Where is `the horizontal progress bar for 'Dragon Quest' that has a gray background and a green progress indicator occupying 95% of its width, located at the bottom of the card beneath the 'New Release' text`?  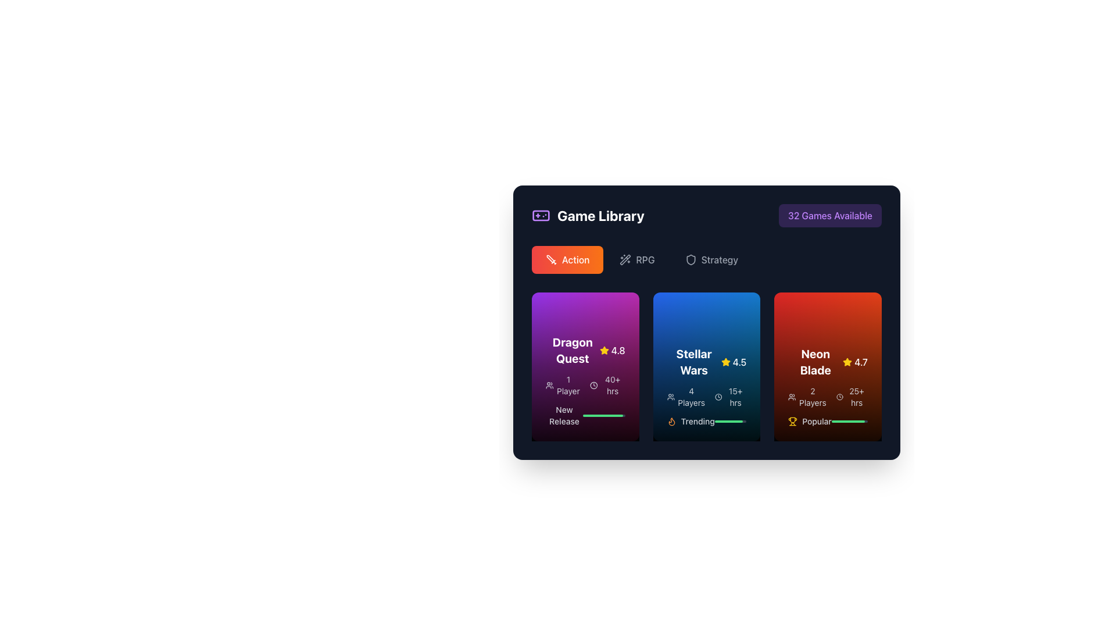 the horizontal progress bar for 'Dragon Quest' that has a gray background and a green progress indicator occupying 95% of its width, located at the bottom of the card beneath the 'New Release' text is located at coordinates (604, 415).